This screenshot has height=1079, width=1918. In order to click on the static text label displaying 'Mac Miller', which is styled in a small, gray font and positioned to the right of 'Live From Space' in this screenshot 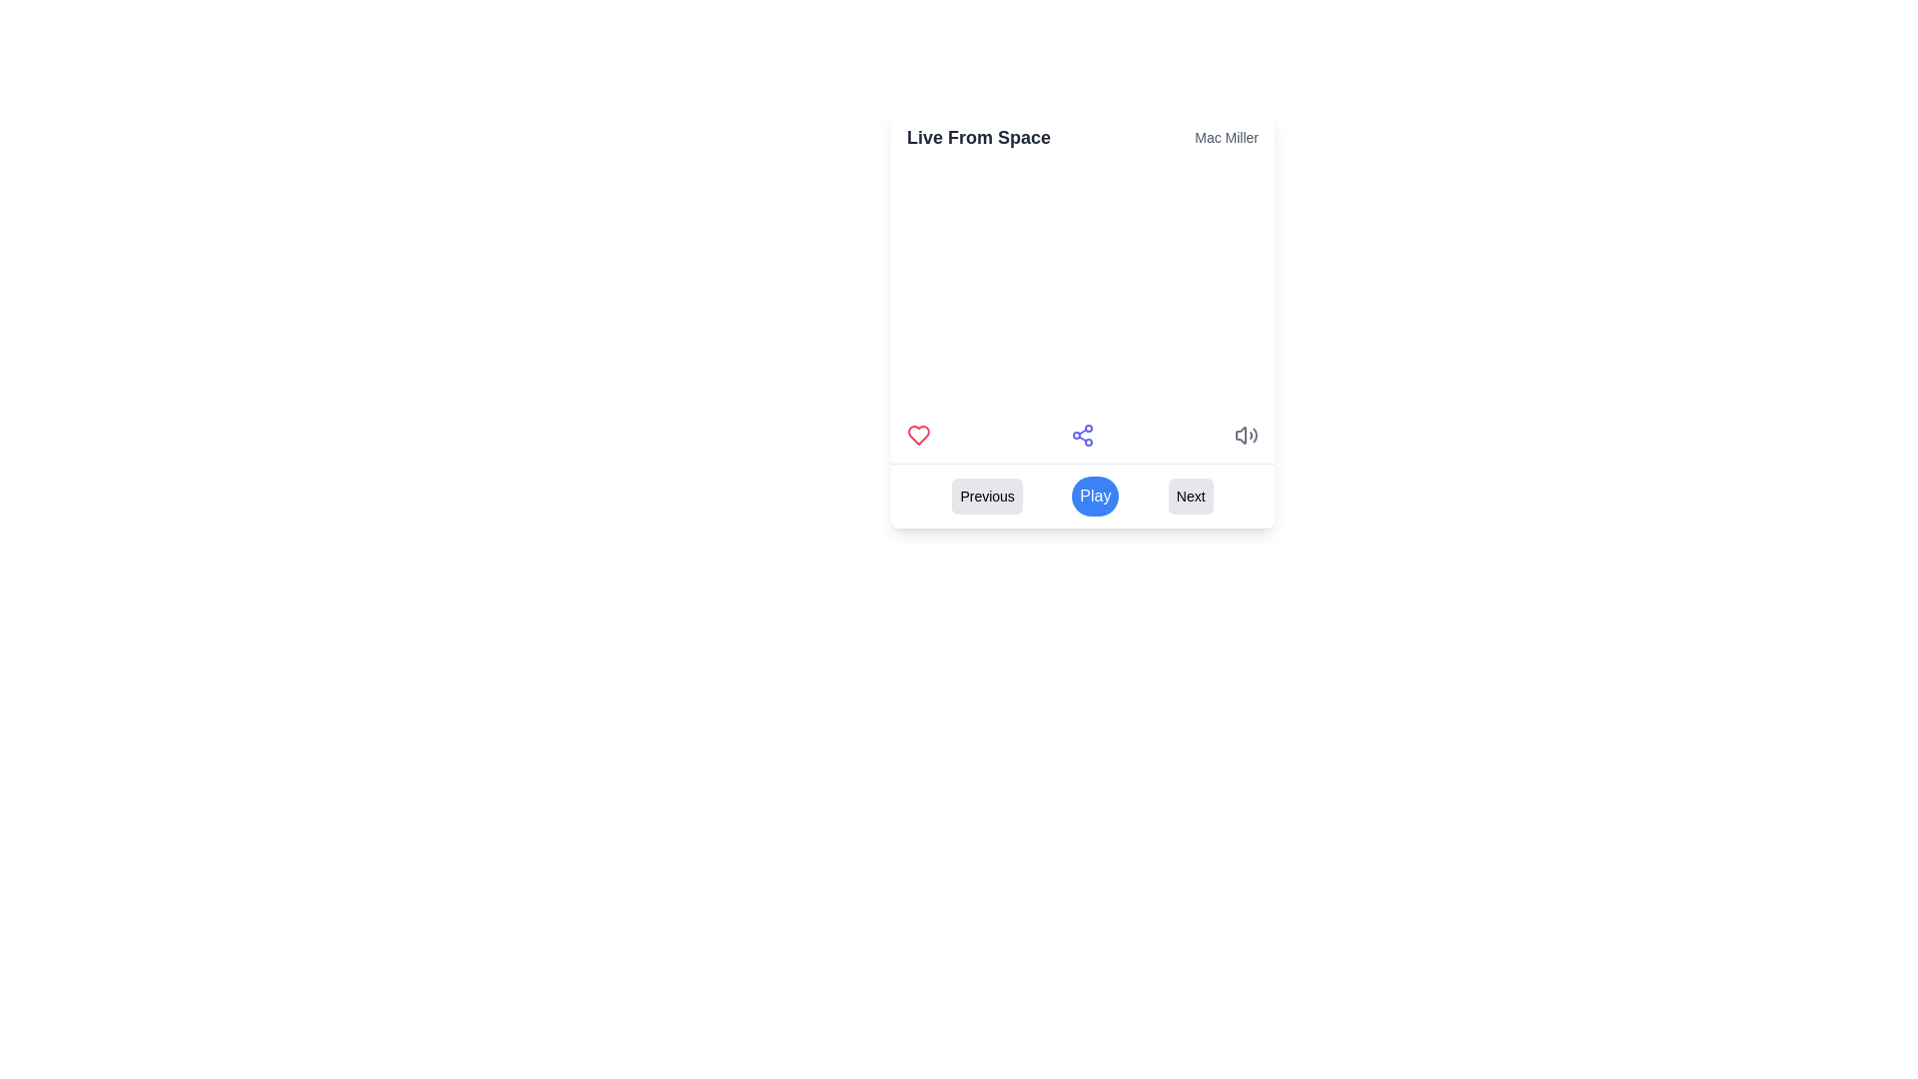, I will do `click(1226, 137)`.